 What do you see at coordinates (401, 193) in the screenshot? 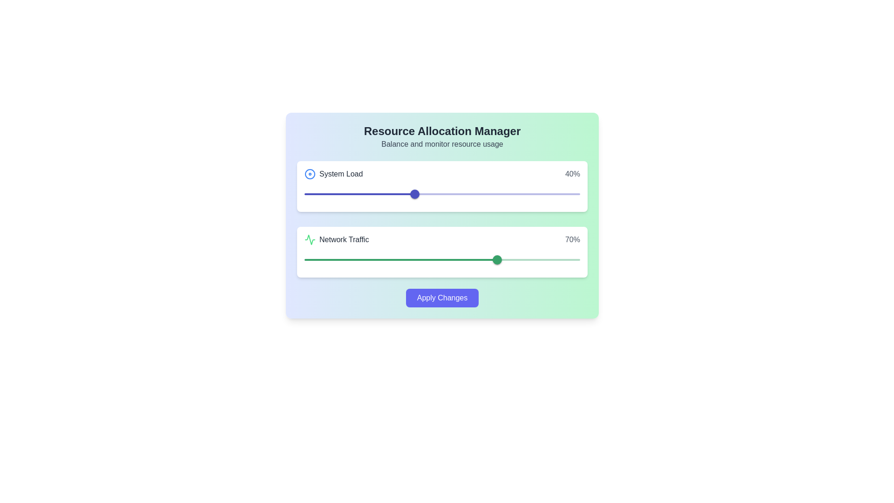
I see `the slider` at bounding box center [401, 193].